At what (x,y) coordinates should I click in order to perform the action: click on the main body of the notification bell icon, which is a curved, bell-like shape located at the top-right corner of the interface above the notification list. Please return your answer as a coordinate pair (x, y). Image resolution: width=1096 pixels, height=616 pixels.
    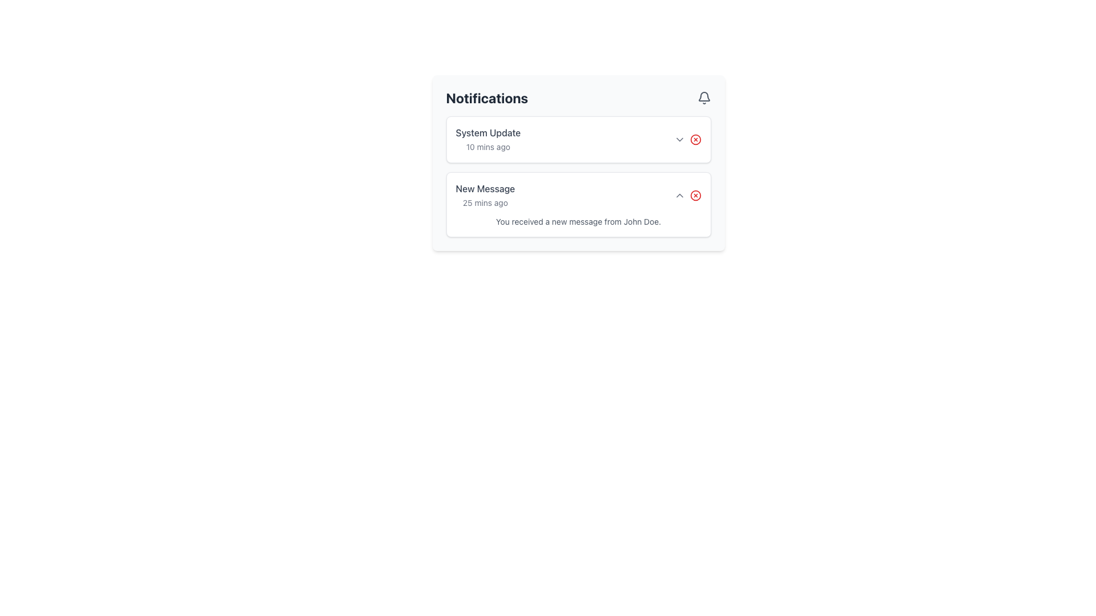
    Looking at the image, I should click on (703, 96).